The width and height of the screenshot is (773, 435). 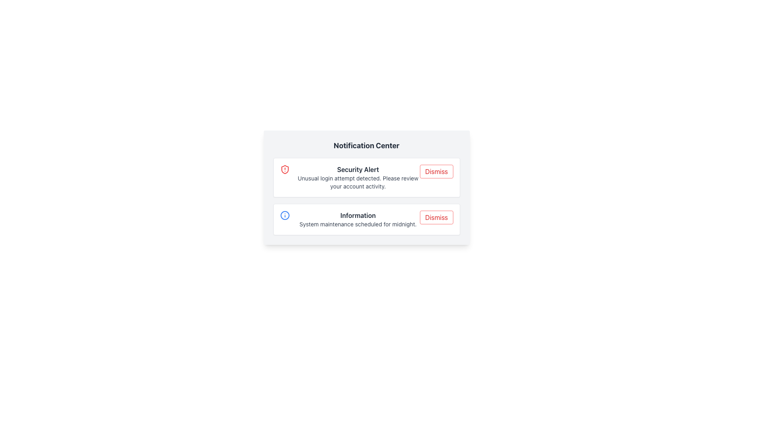 I want to click on the 'Dismiss' button with a red border and text, so click(x=436, y=217).